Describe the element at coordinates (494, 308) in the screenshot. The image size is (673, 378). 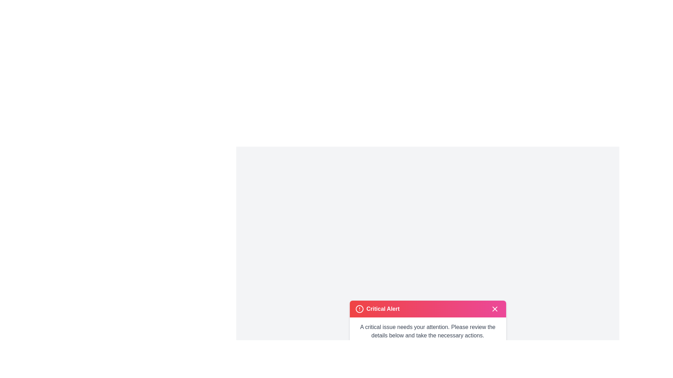
I see `the 'X' icon (Close Button) positioned in the top-right corner of the pink alert box labeled 'Critical Alert'` at that location.